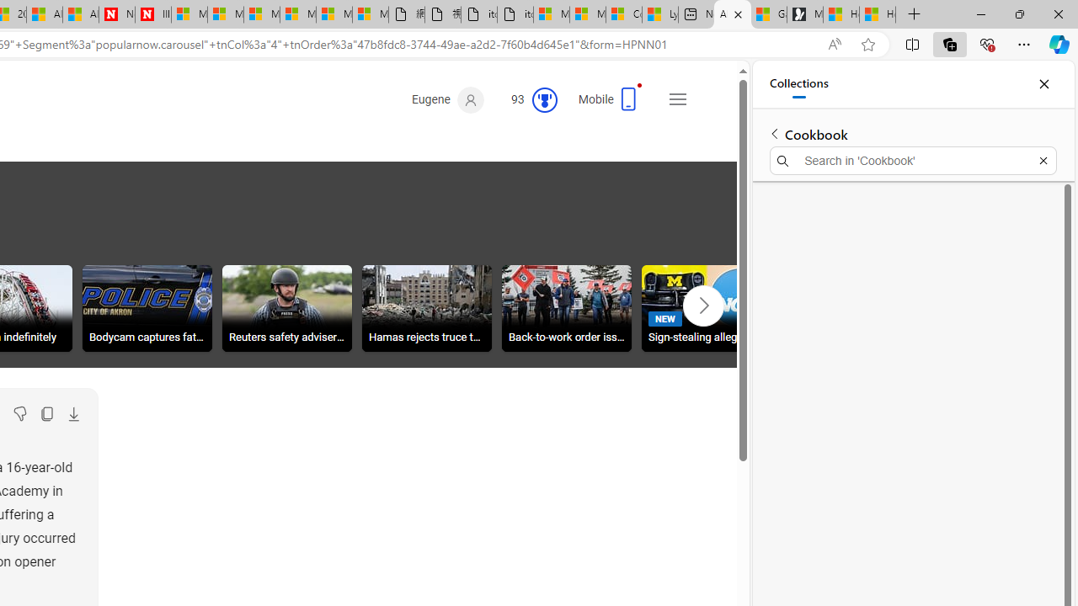  I want to click on 'itconcepthk.com/projector_solutions.mp4', so click(515, 14).